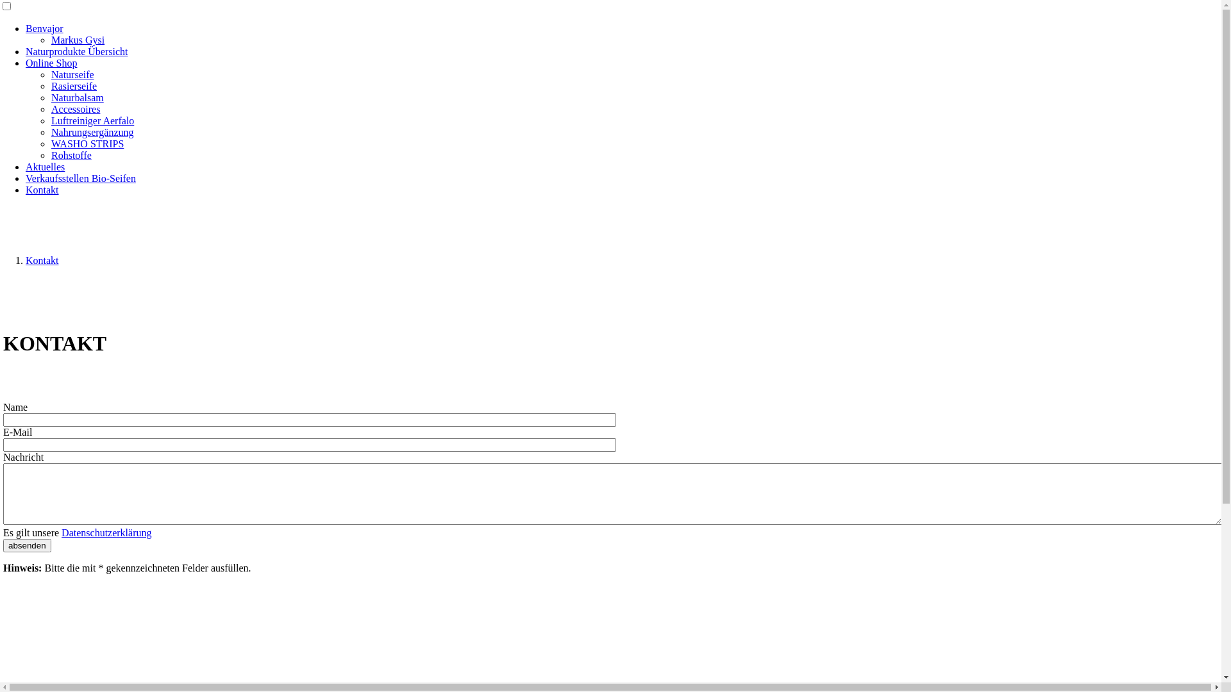 The image size is (1231, 692). What do you see at coordinates (73, 86) in the screenshot?
I see `'Rasierseife'` at bounding box center [73, 86].